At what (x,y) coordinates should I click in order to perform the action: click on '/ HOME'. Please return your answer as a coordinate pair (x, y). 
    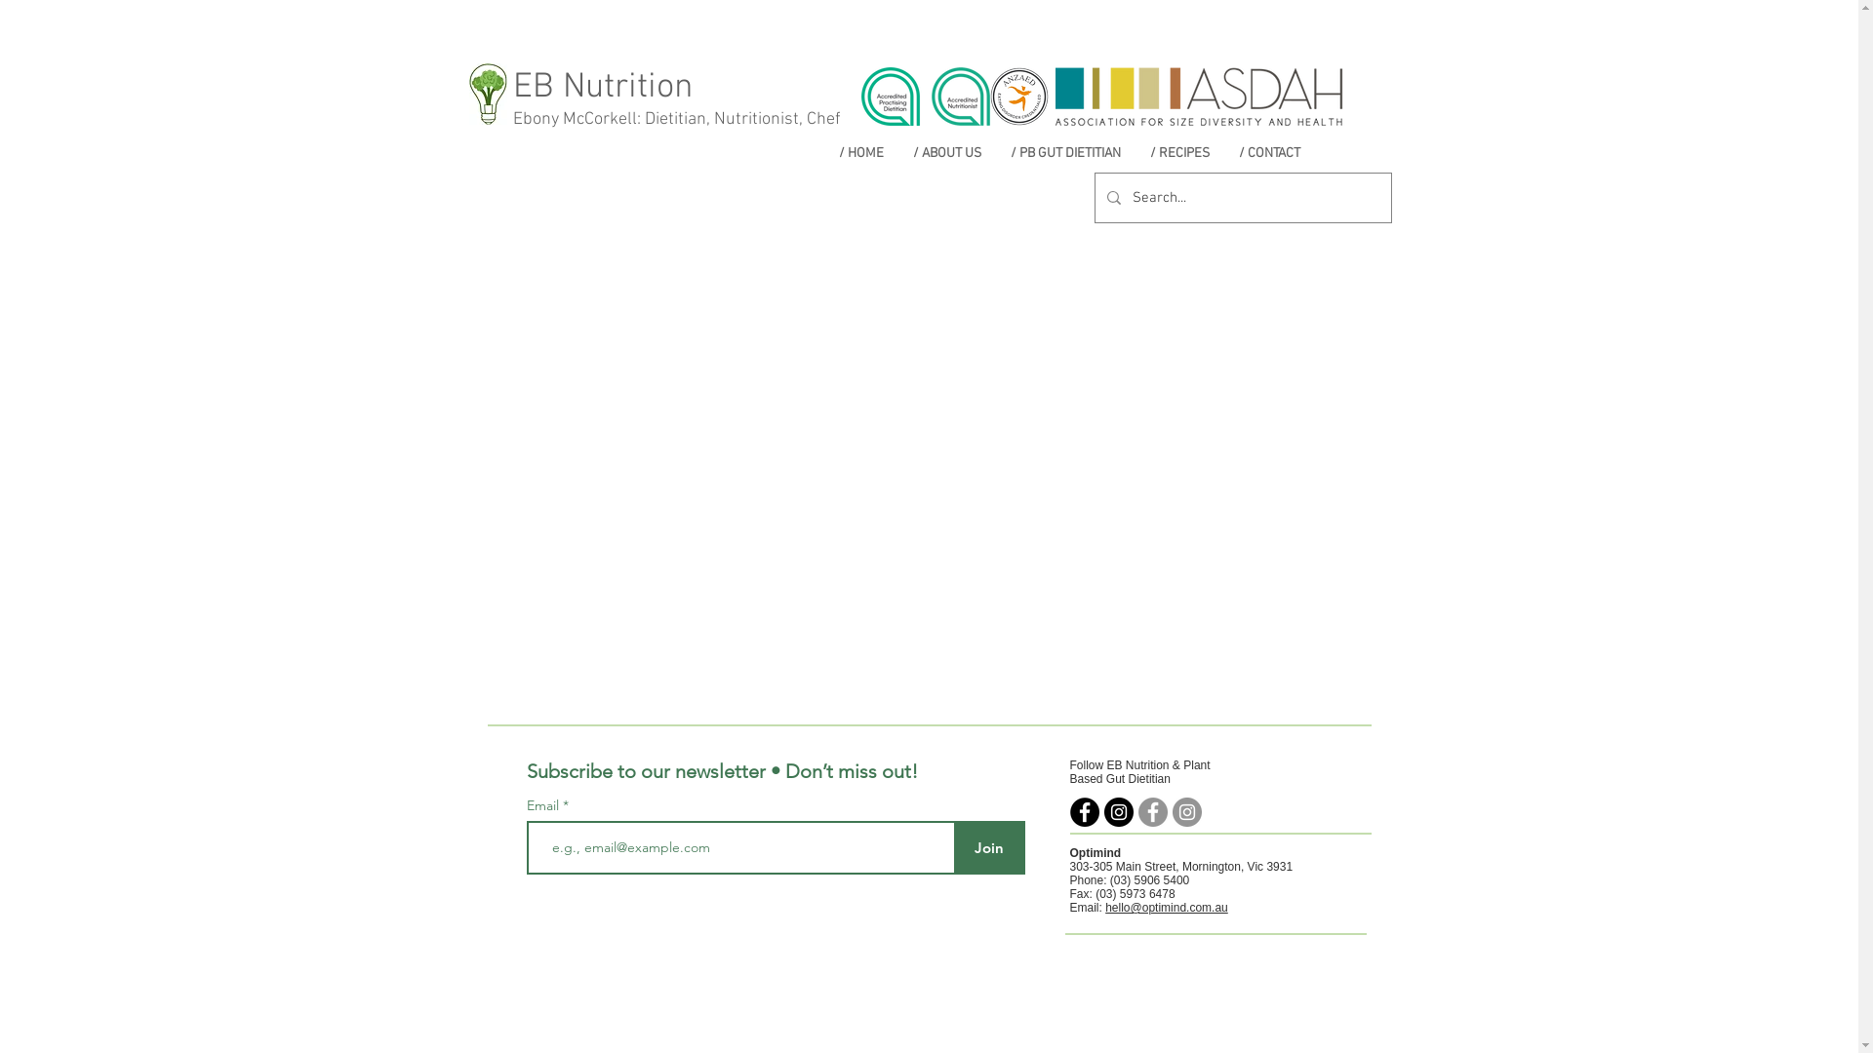
    Looking at the image, I should click on (859, 152).